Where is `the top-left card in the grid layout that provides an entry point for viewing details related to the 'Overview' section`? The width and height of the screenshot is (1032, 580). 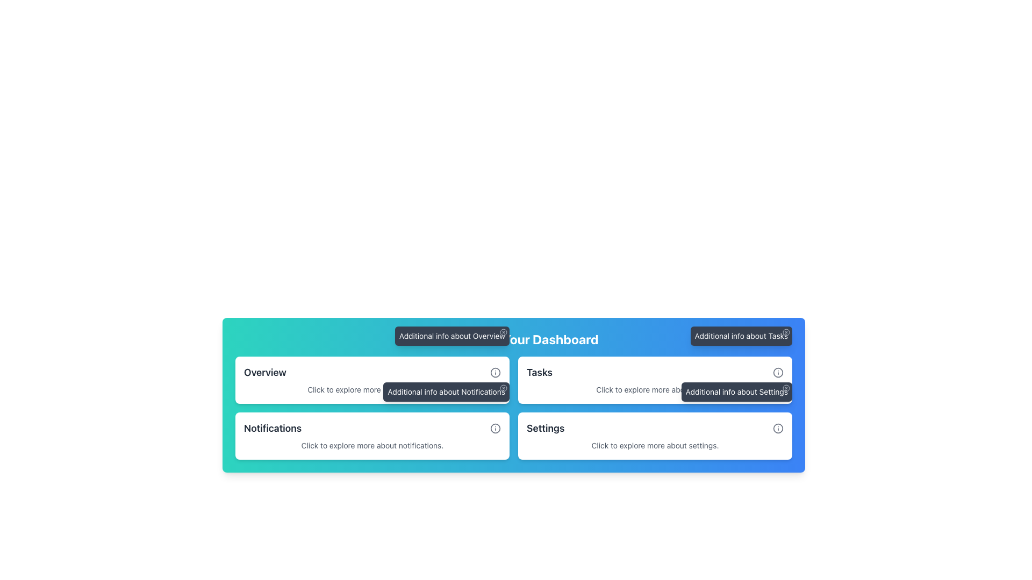
the top-left card in the grid layout that provides an entry point for viewing details related to the 'Overview' section is located at coordinates (372, 380).